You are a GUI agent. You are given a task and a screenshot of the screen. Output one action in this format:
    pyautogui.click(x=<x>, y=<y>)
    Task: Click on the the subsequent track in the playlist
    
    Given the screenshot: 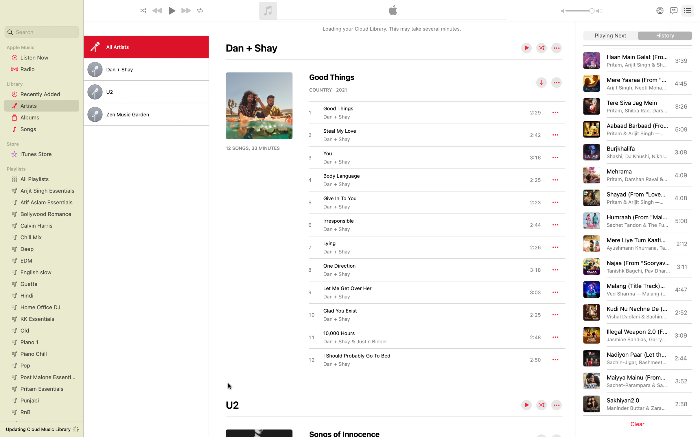 What is the action you would take?
    pyautogui.click(x=610, y=36)
    